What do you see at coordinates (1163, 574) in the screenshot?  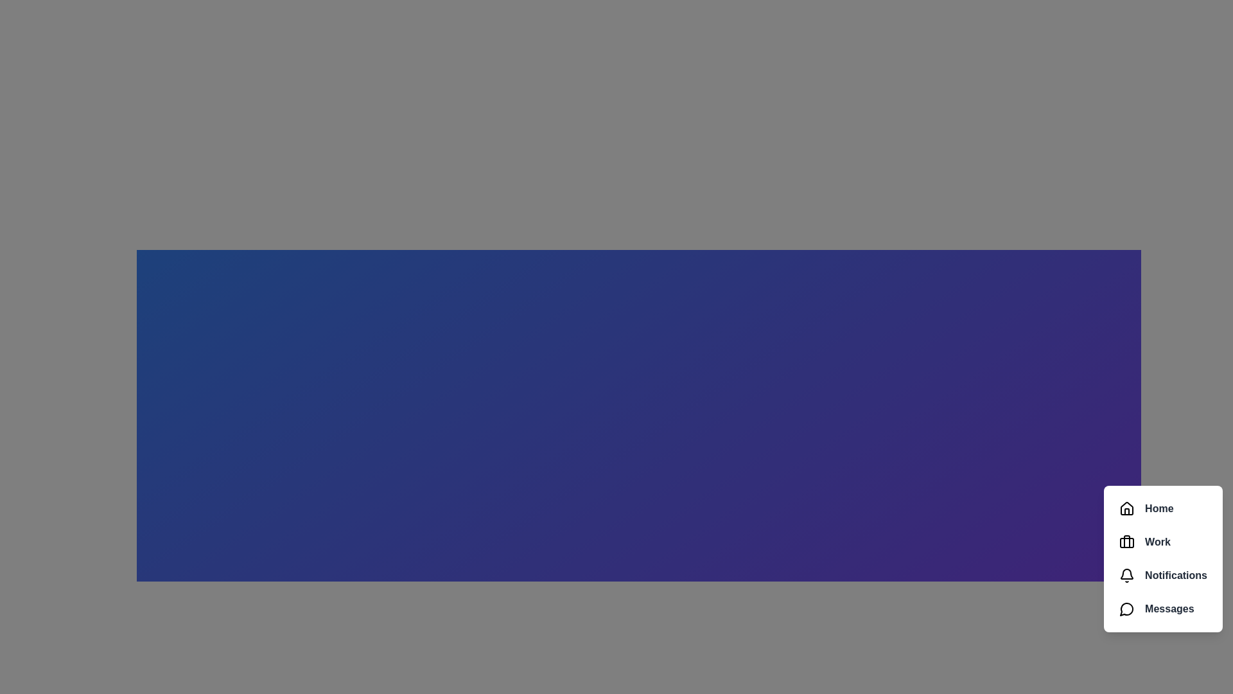 I see `the menu item labeled Notifications to observe visual feedback` at bounding box center [1163, 574].